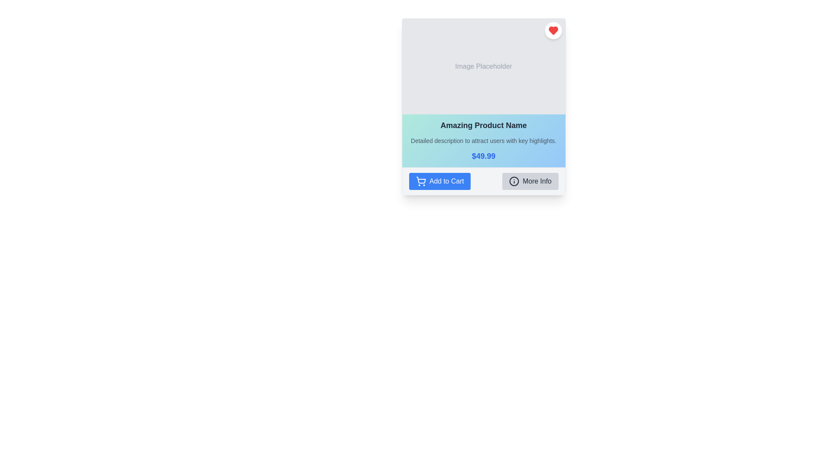 The width and height of the screenshot is (820, 461). I want to click on text label that provides an additional description, located beneath the product name 'Amazing Product Name' and above the price '$49.99', so click(483, 140).